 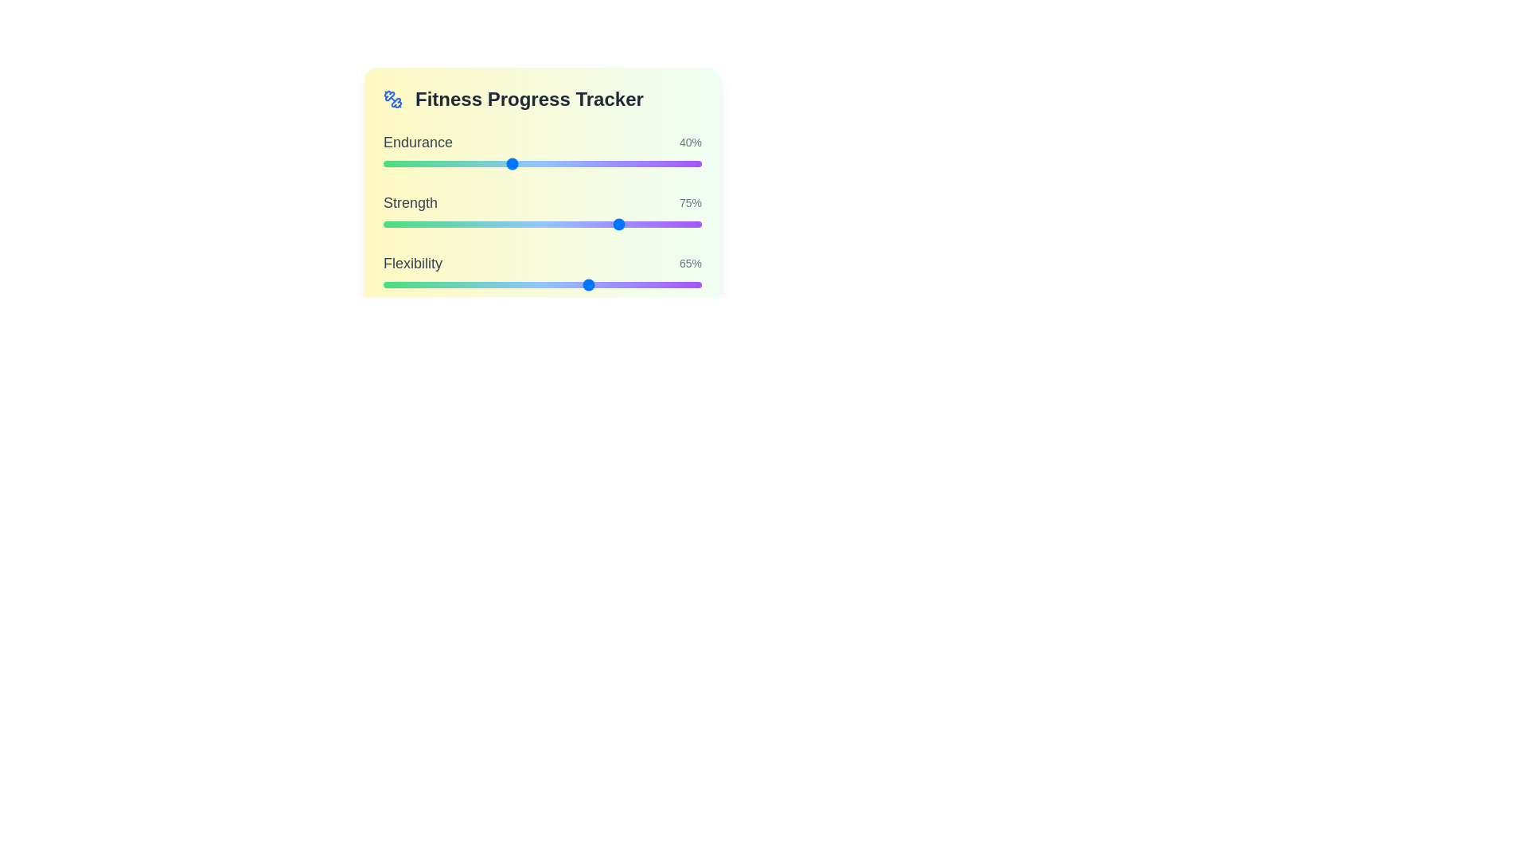 I want to click on strength slider, so click(x=400, y=224).